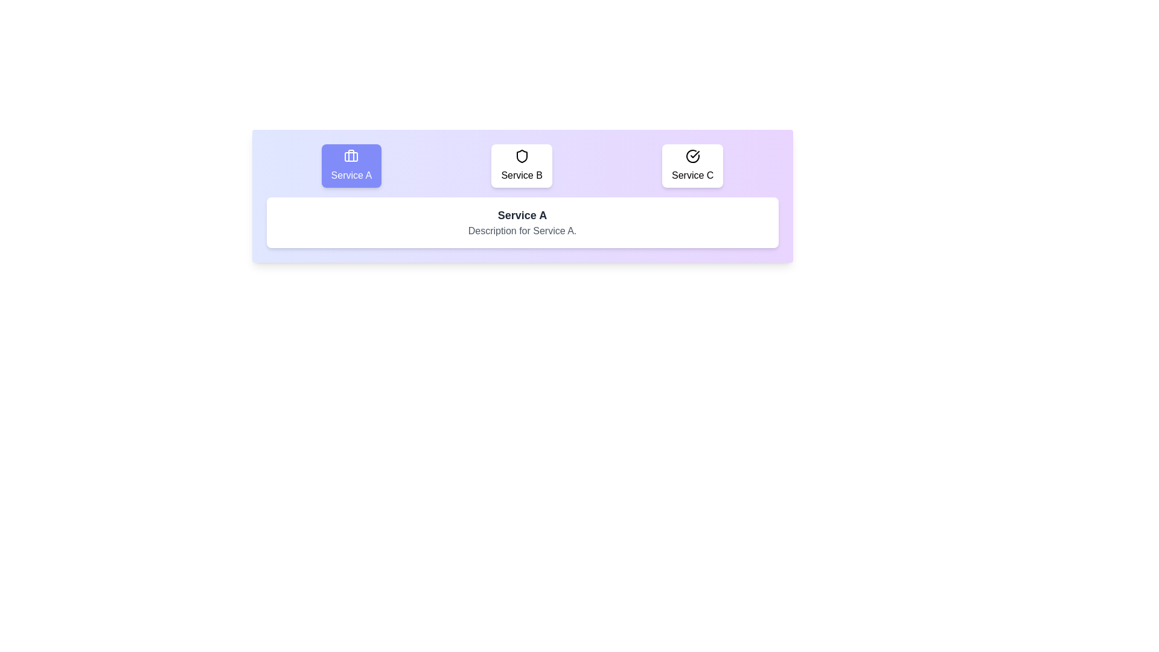 This screenshot has width=1159, height=652. What do you see at coordinates (522, 155) in the screenshot?
I see `the primary icon representing 'Service B' located centrally above its label` at bounding box center [522, 155].